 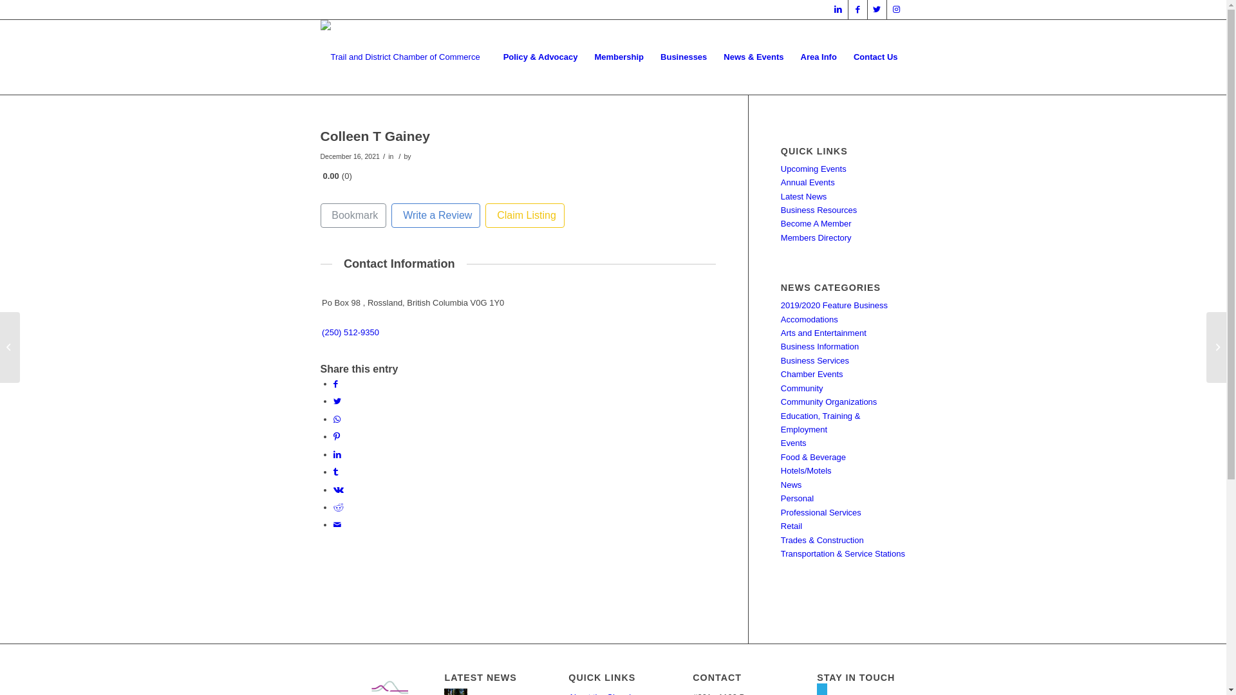 What do you see at coordinates (838, 10) in the screenshot?
I see `'LinkedIn'` at bounding box center [838, 10].